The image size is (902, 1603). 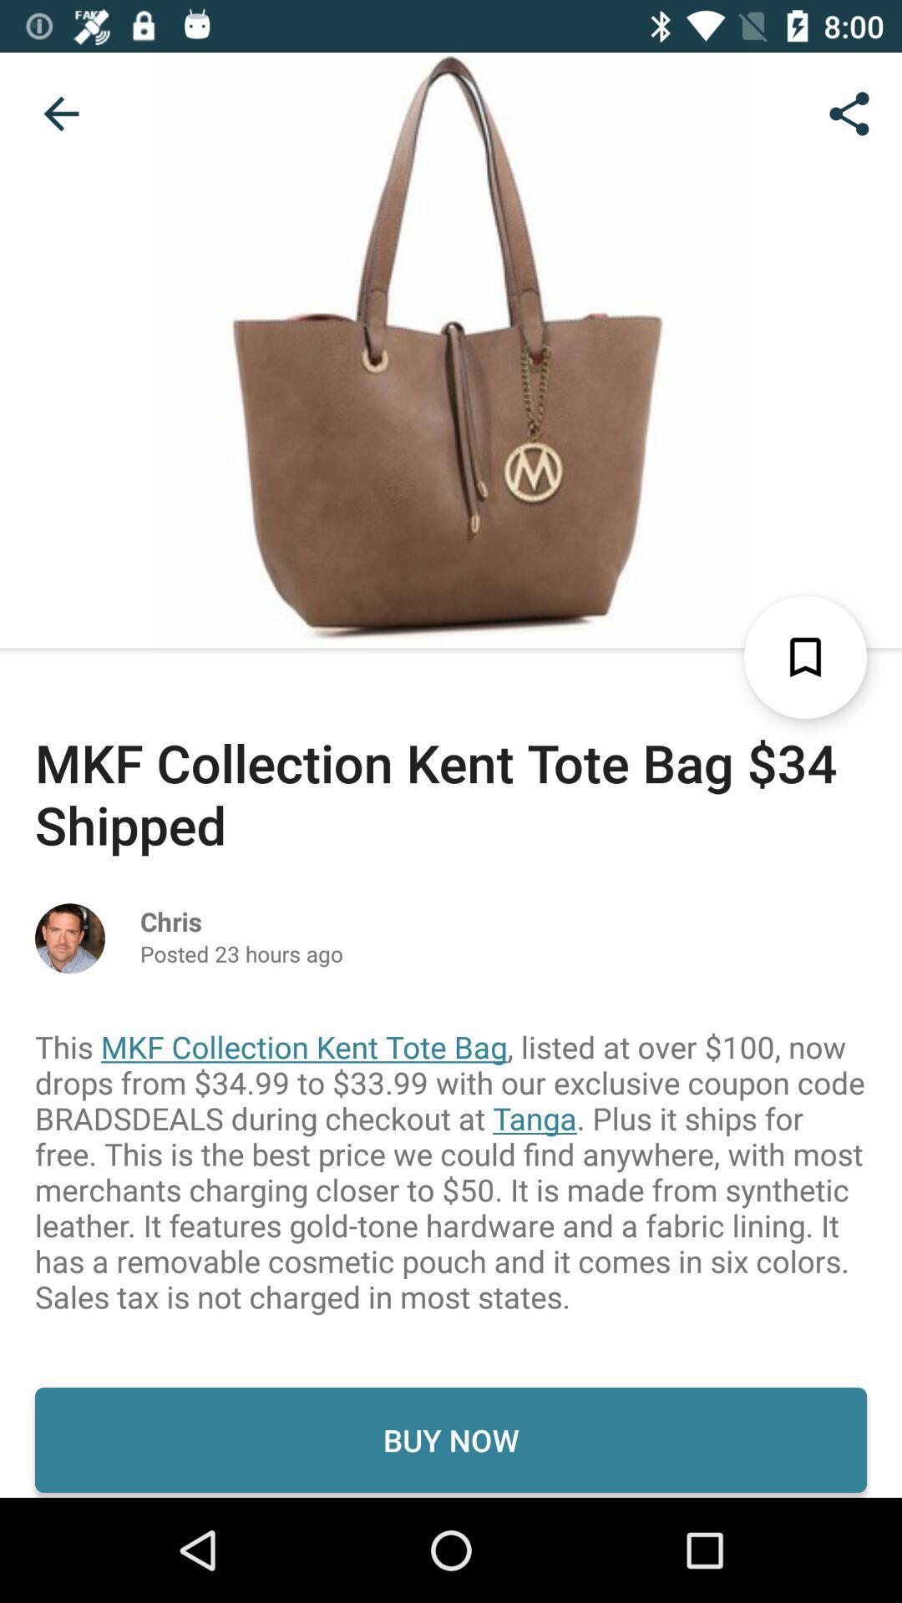 I want to click on icon above the mkf collection kent icon, so click(x=60, y=113).